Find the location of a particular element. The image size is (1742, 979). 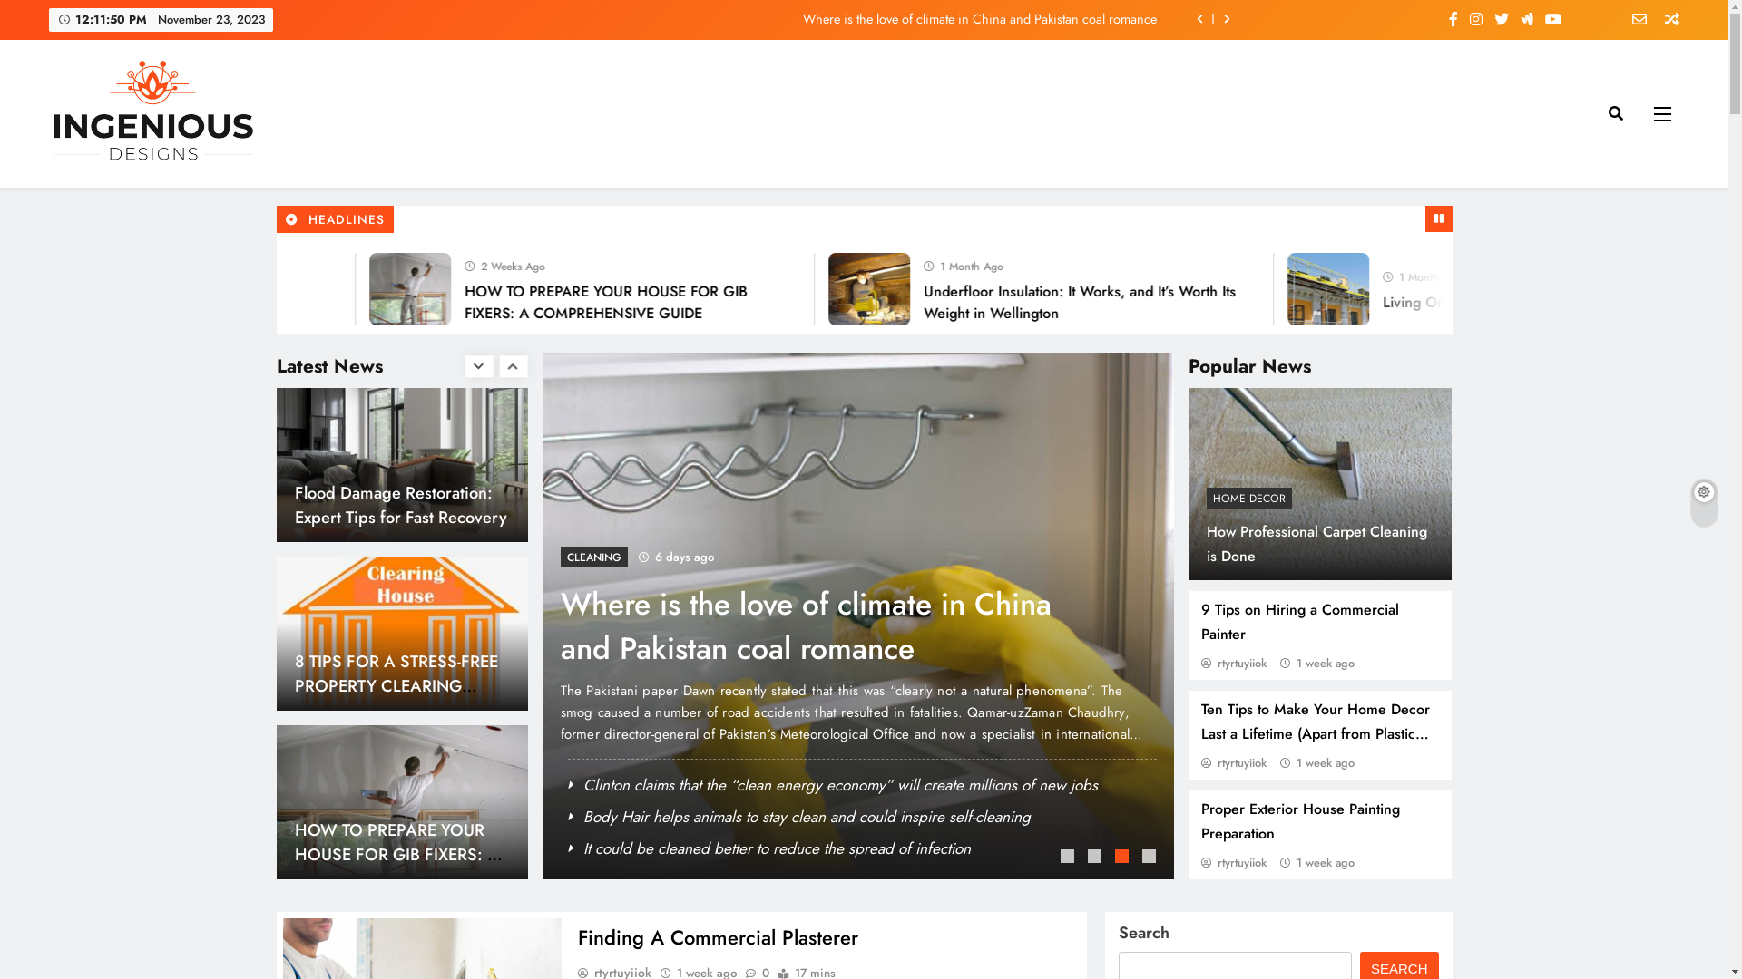

'3' is located at coordinates (1122, 858).